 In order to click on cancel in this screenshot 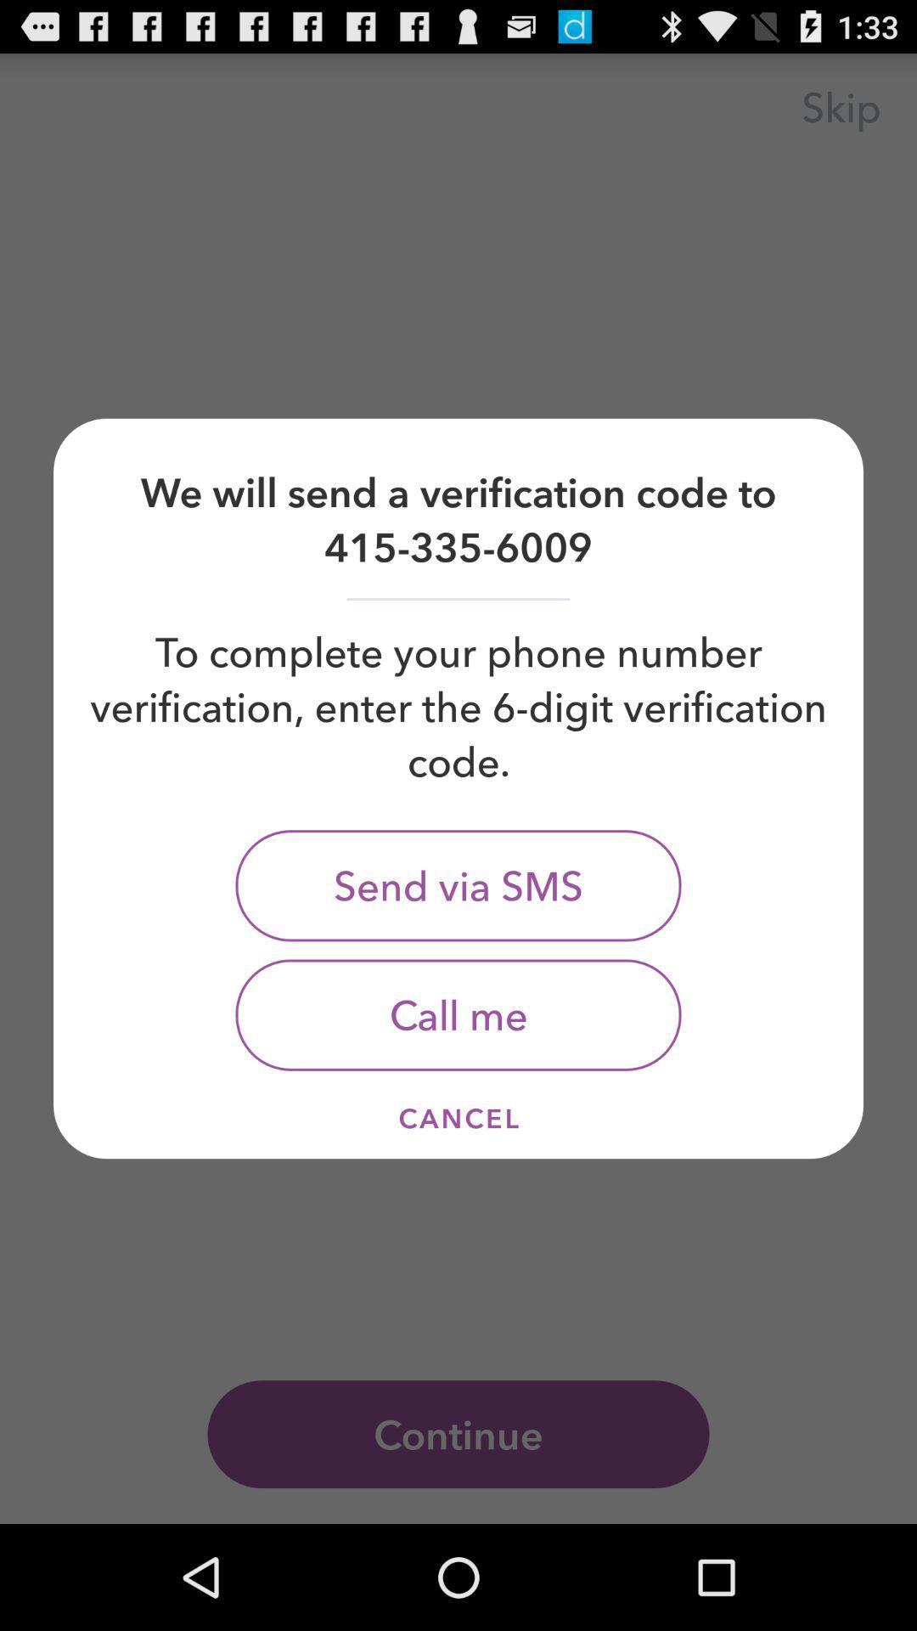, I will do `click(458, 1118)`.